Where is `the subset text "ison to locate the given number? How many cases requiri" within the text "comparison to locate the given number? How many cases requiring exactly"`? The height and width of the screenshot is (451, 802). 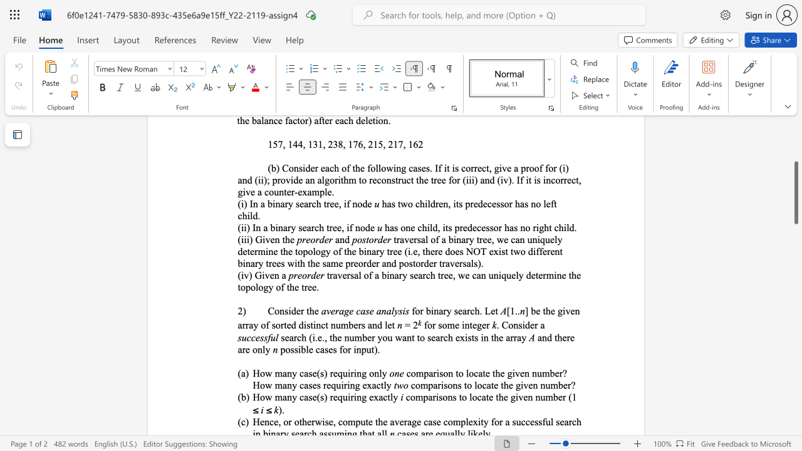
the subset text "ison to locate the given number? How many cases requiri" within the text "comparison to locate the given number? How many cases requiring exactly" is located at coordinates (436, 373).